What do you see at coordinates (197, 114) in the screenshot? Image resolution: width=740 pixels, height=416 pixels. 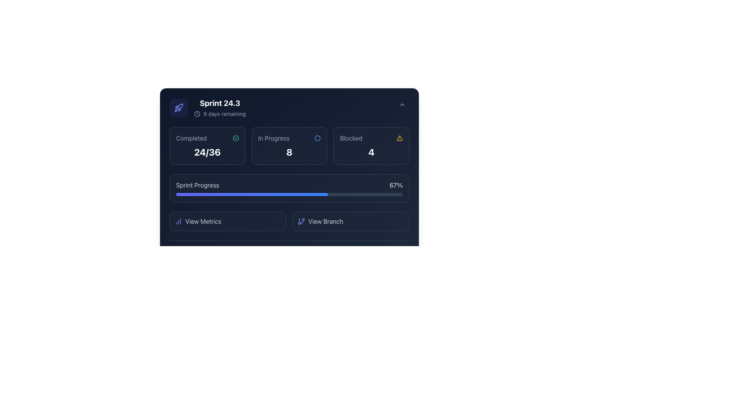 I see `the decorative SVG Circle that visually enhances the clock icon, located in the top-left section before the text '8 days remaining' next to 'Sprint 24.3'` at bounding box center [197, 114].